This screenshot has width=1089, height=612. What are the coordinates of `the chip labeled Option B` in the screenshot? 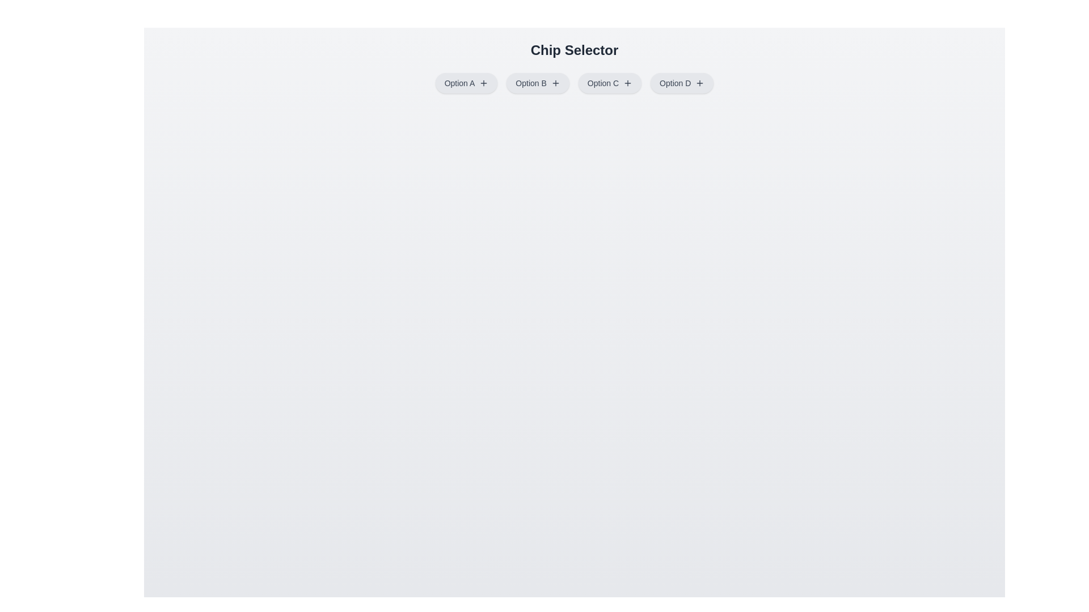 It's located at (537, 82).